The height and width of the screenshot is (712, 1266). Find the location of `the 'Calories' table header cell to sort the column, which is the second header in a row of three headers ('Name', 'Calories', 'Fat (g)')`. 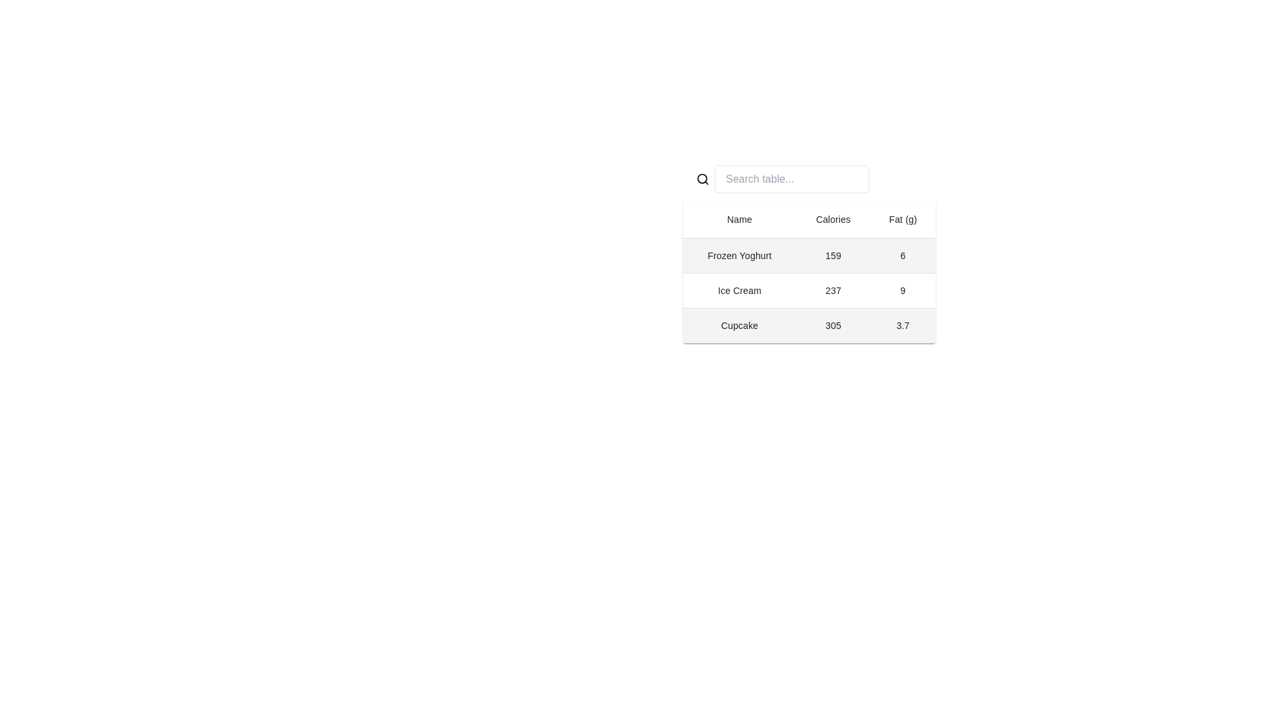

the 'Calories' table header cell to sort the column, which is the second header in a row of three headers ('Name', 'Calories', 'Fat (g)') is located at coordinates (832, 219).